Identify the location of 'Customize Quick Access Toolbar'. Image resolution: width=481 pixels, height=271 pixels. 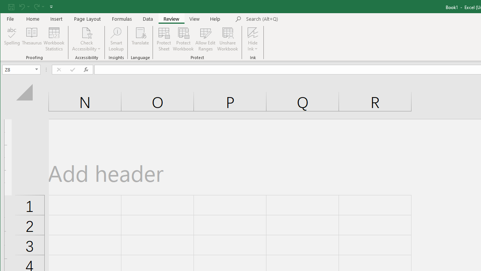
(51, 6).